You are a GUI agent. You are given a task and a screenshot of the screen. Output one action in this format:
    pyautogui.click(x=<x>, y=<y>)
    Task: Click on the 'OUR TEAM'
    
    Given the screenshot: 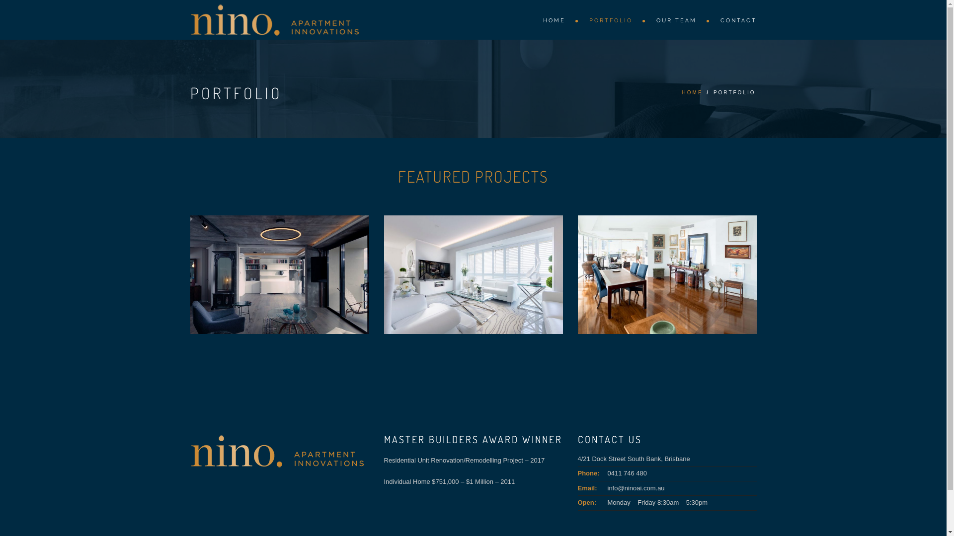 What is the action you would take?
    pyautogui.click(x=677, y=20)
    